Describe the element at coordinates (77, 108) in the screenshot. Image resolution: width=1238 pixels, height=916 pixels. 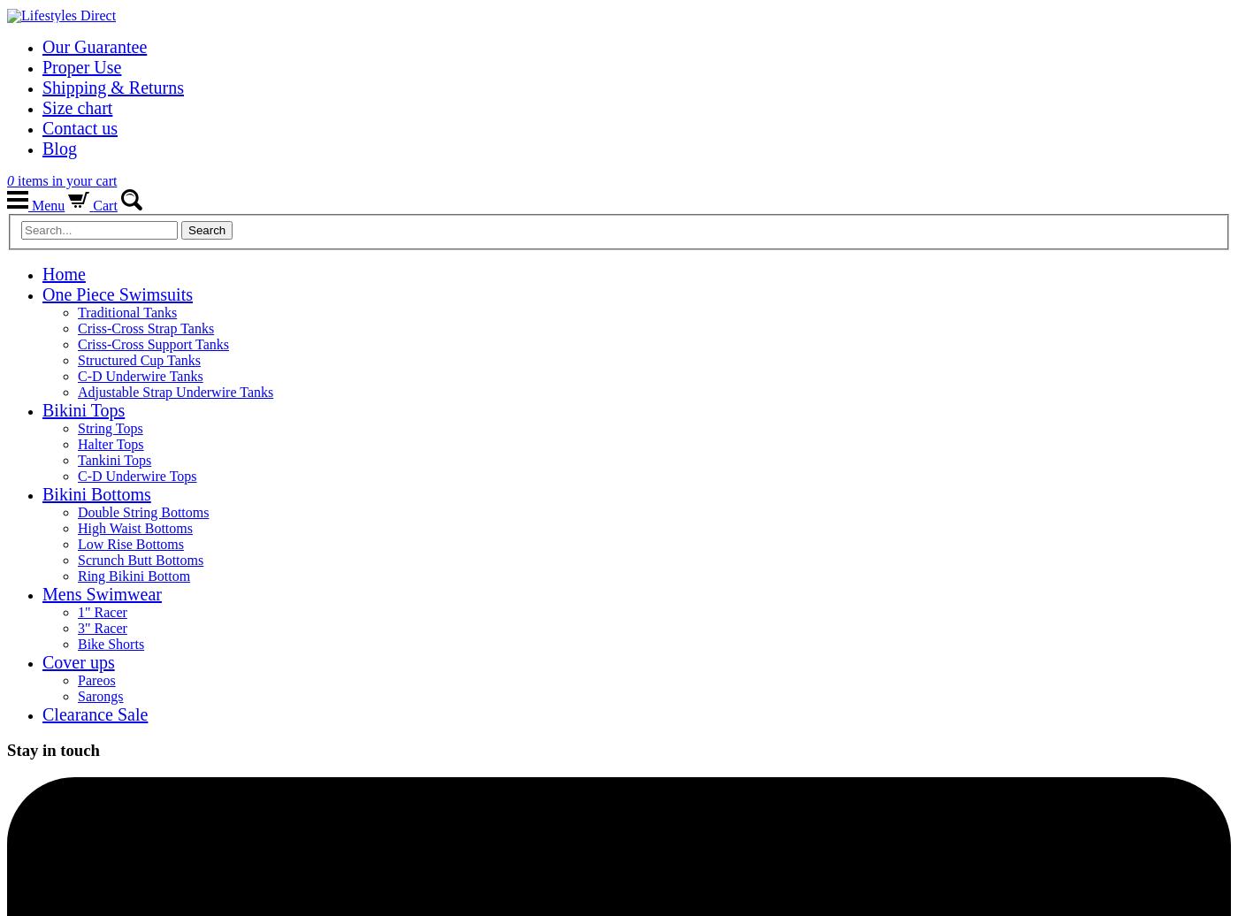
I see `'Size chart'` at that location.